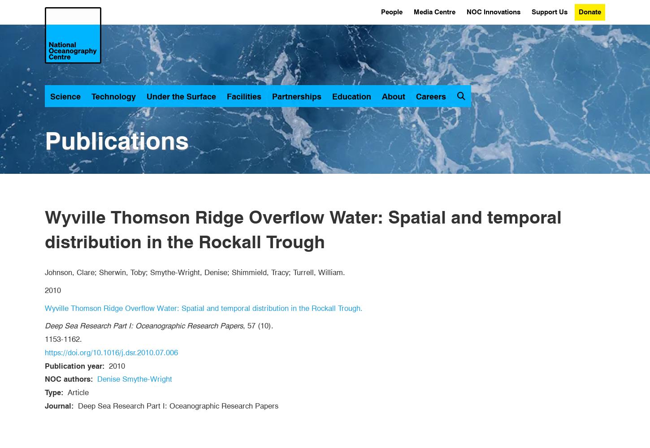  What do you see at coordinates (111, 352) in the screenshot?
I see `'https://doi.org/10.1016/j.dsr.2010.07.006'` at bounding box center [111, 352].